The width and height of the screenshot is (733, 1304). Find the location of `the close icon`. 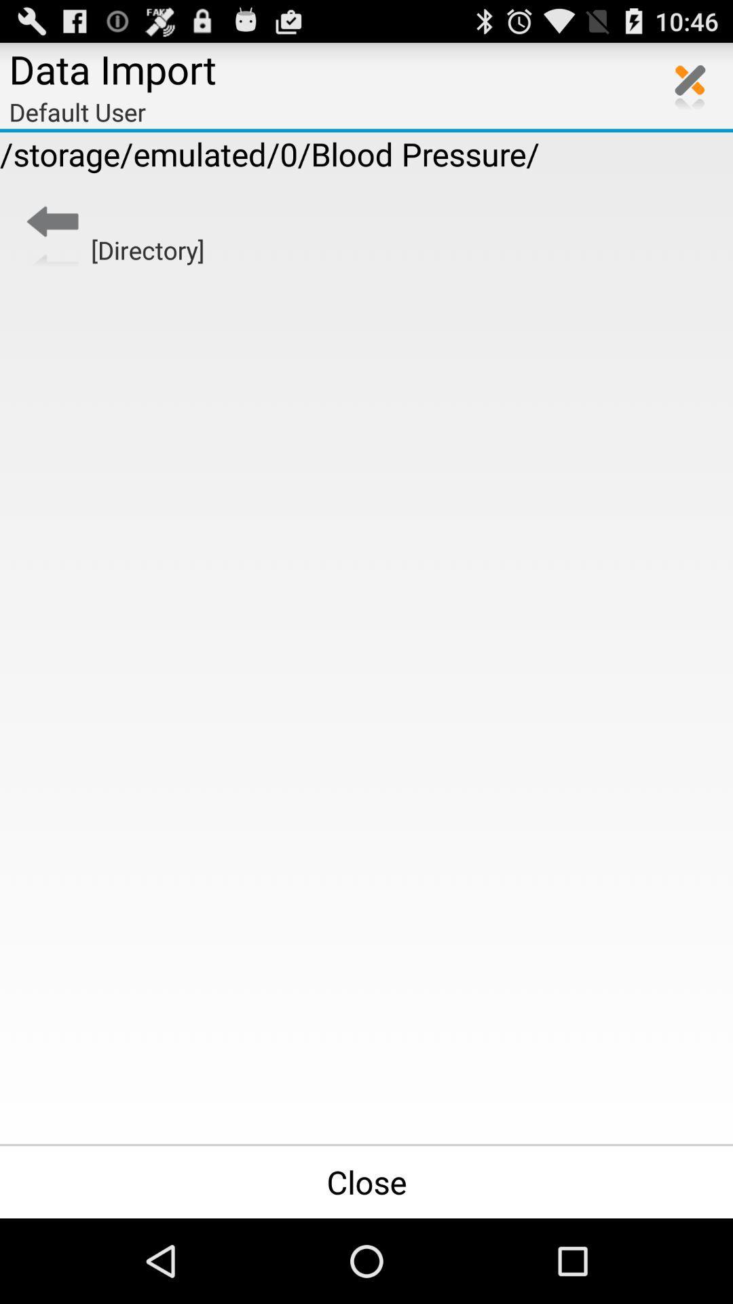

the close icon is located at coordinates (690, 90).